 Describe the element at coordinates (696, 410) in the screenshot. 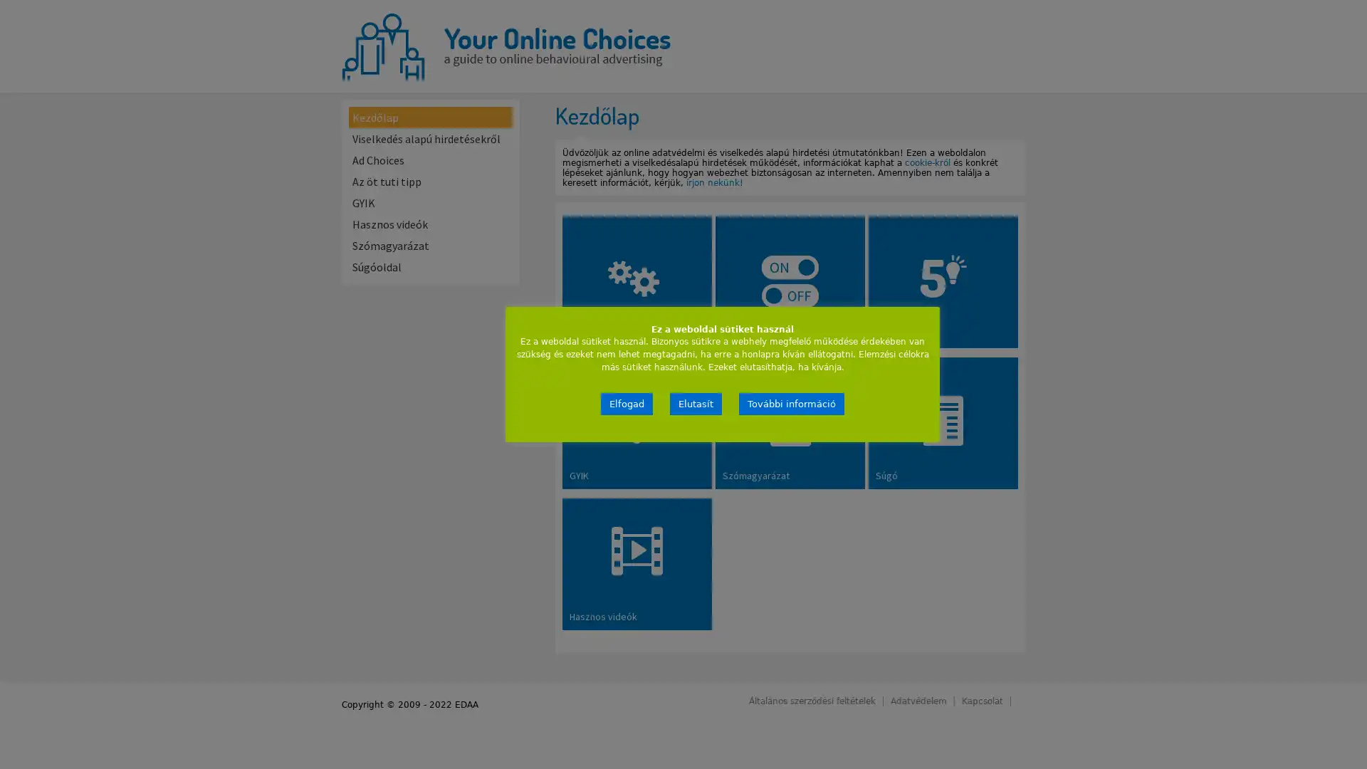

I see `Elutasit` at that location.